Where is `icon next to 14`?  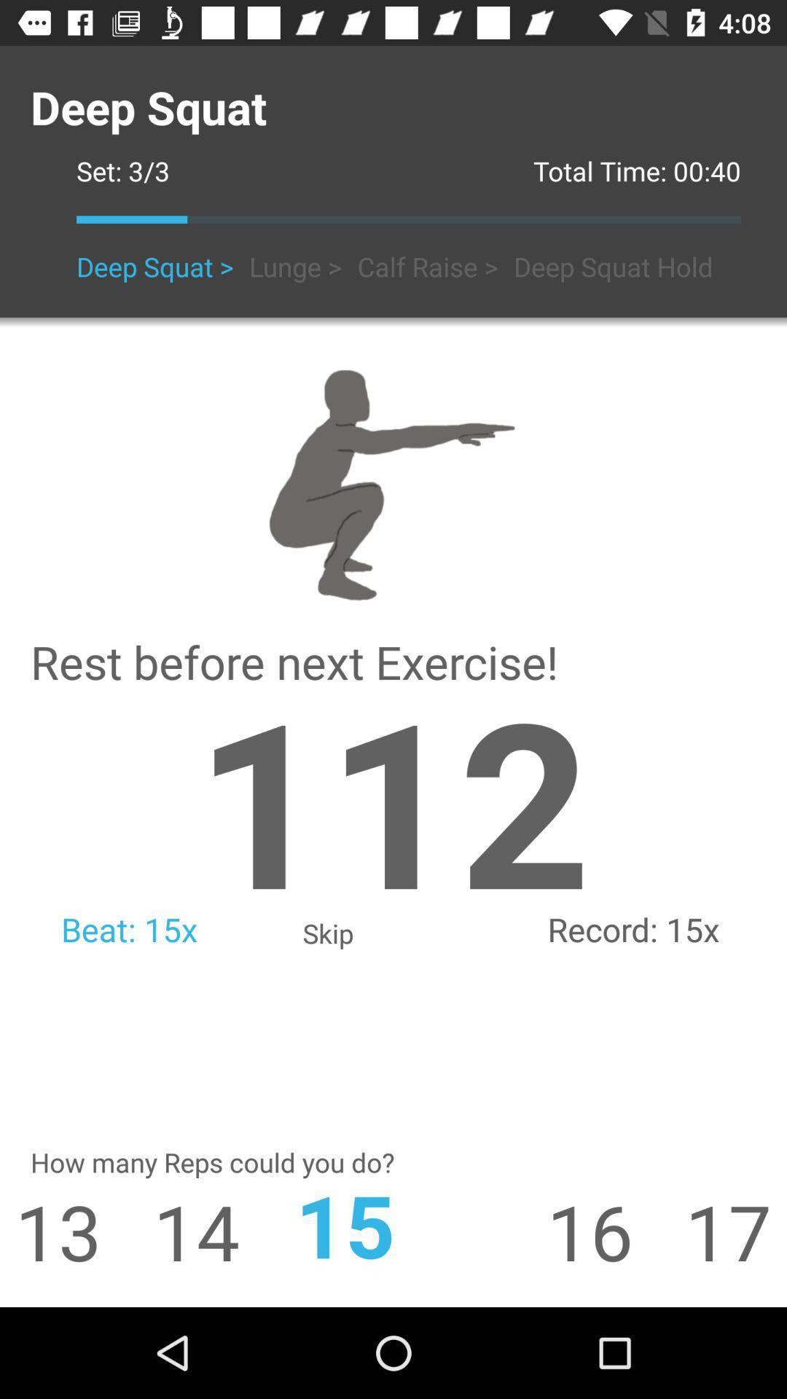
icon next to 14 is located at coordinates (393, 1224).